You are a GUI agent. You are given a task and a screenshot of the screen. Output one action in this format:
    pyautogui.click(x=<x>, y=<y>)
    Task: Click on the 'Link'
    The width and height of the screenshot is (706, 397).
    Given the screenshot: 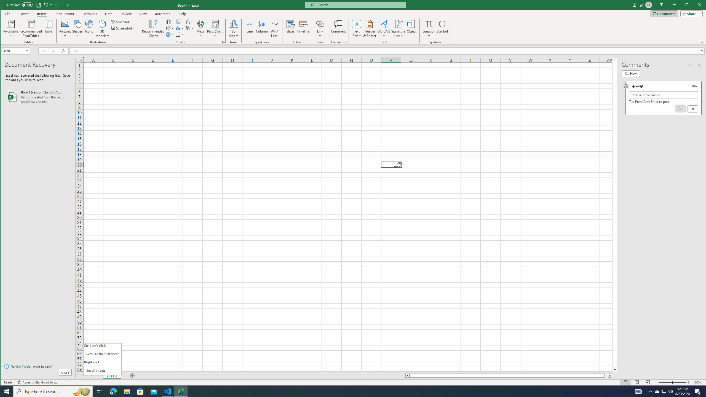 What is the action you would take?
    pyautogui.click(x=320, y=28)
    